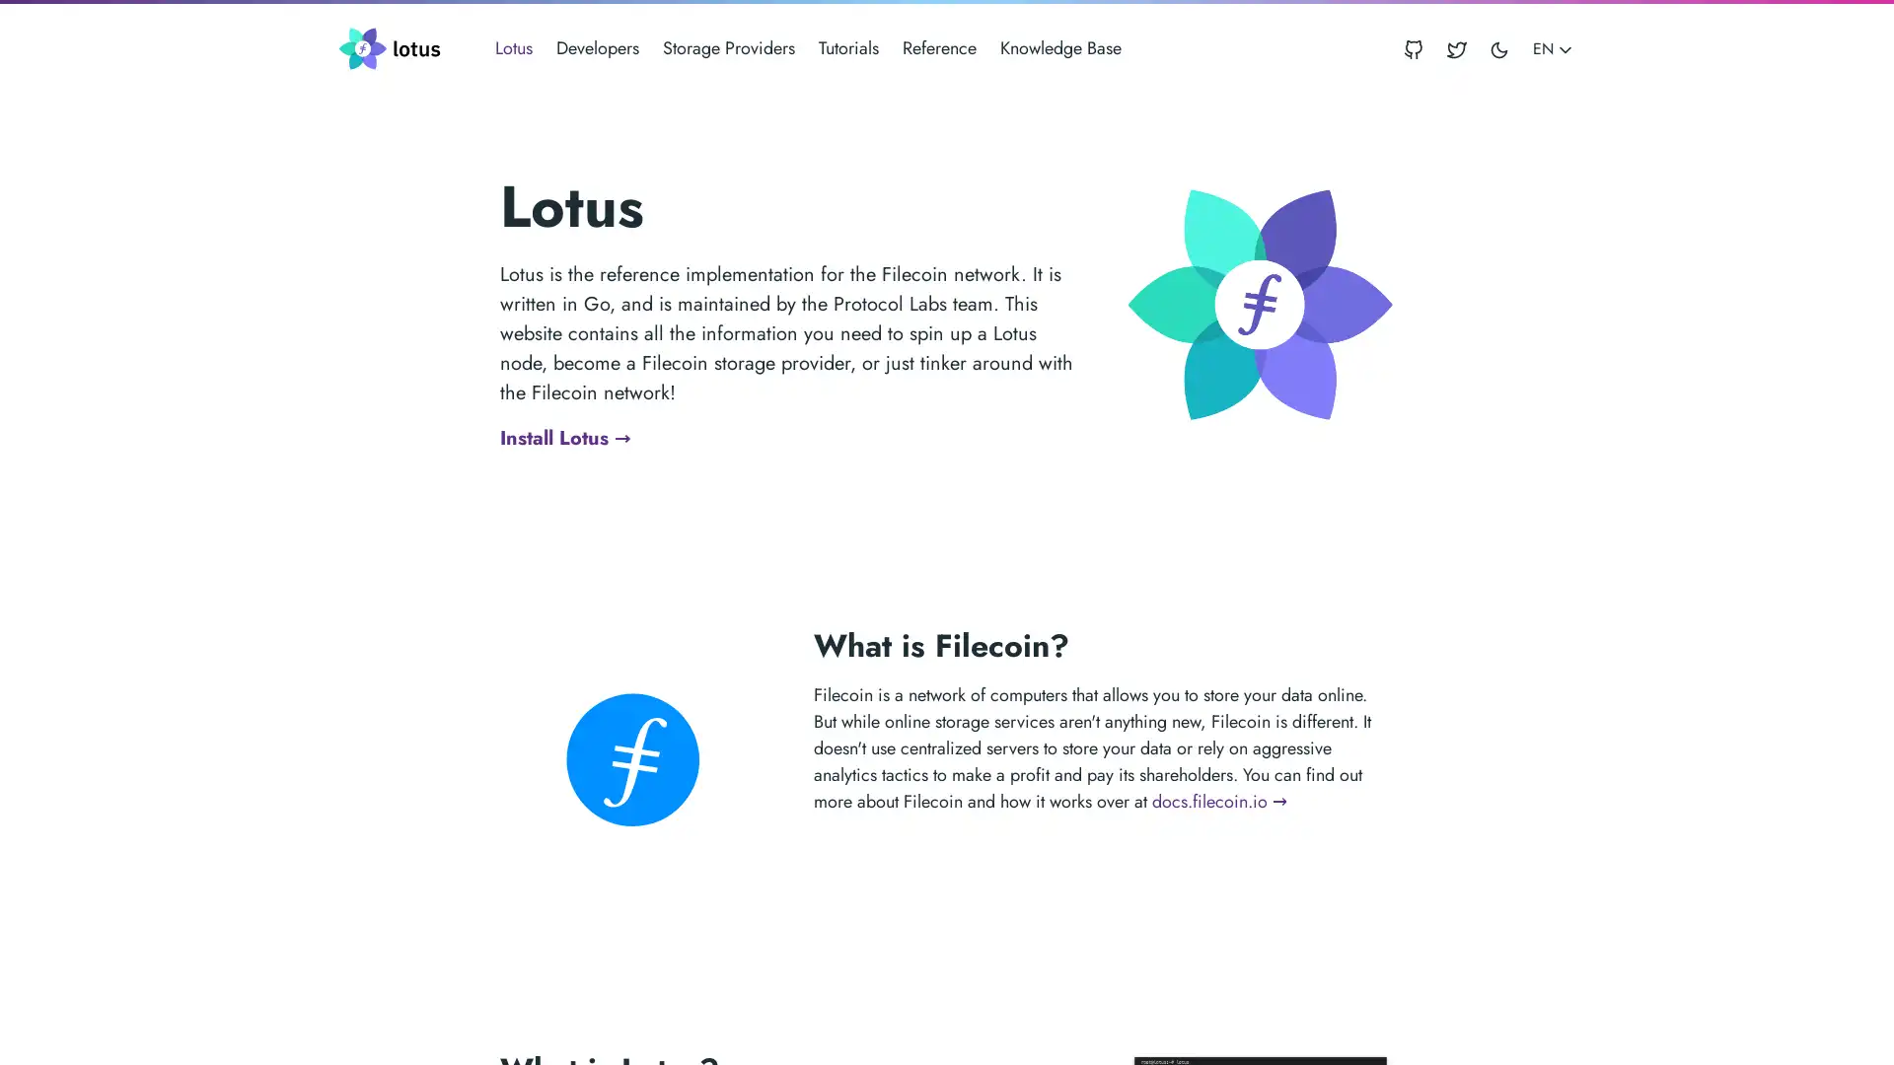  Describe the element at coordinates (1551, 47) in the screenshot. I see `EN` at that location.